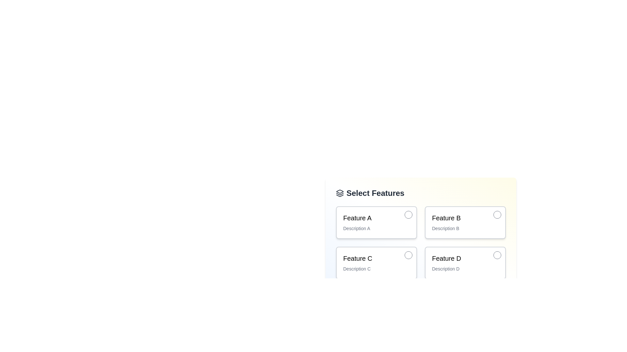 The image size is (627, 352). Describe the element at coordinates (408, 215) in the screenshot. I see `the small, circular button with a white background and thin gray border located in the top-right corner of the 'Feature A' card` at that location.